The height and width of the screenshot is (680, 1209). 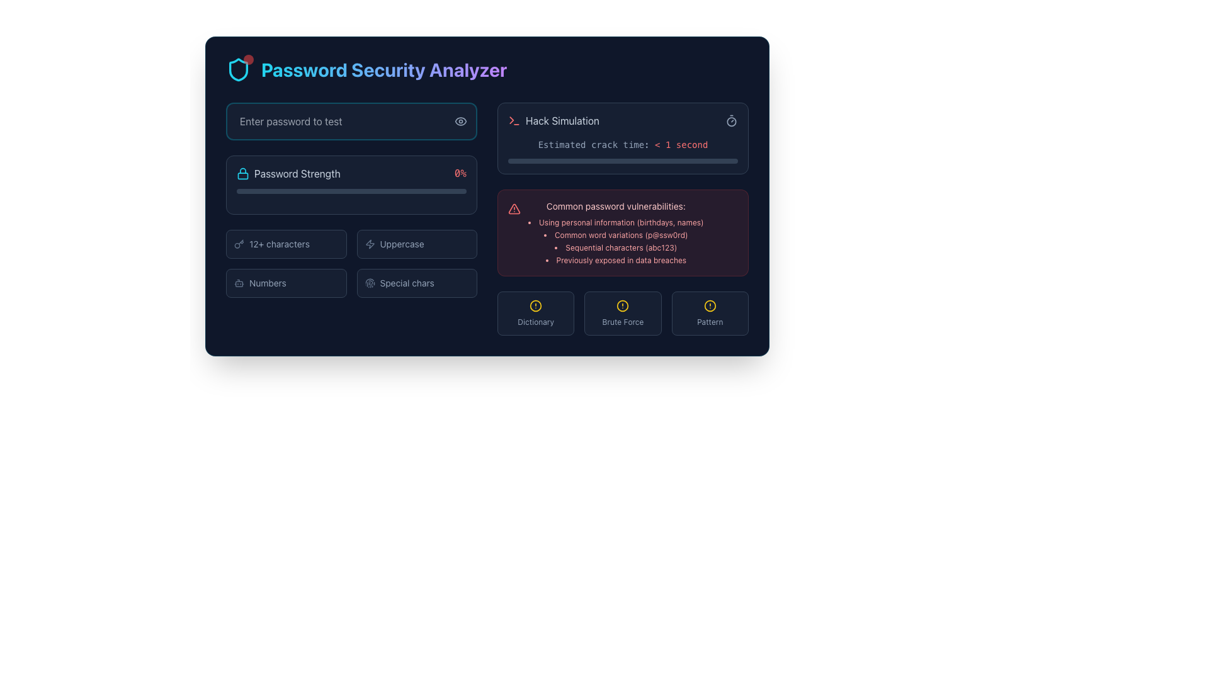 What do you see at coordinates (417, 283) in the screenshot?
I see `the 'Special chars' button, which is a rectangular button with a fingerprint icon located in the 'Password Security Analyzer' section, below the 'Uppercase' button and to the right of the 'Numbers' button` at bounding box center [417, 283].